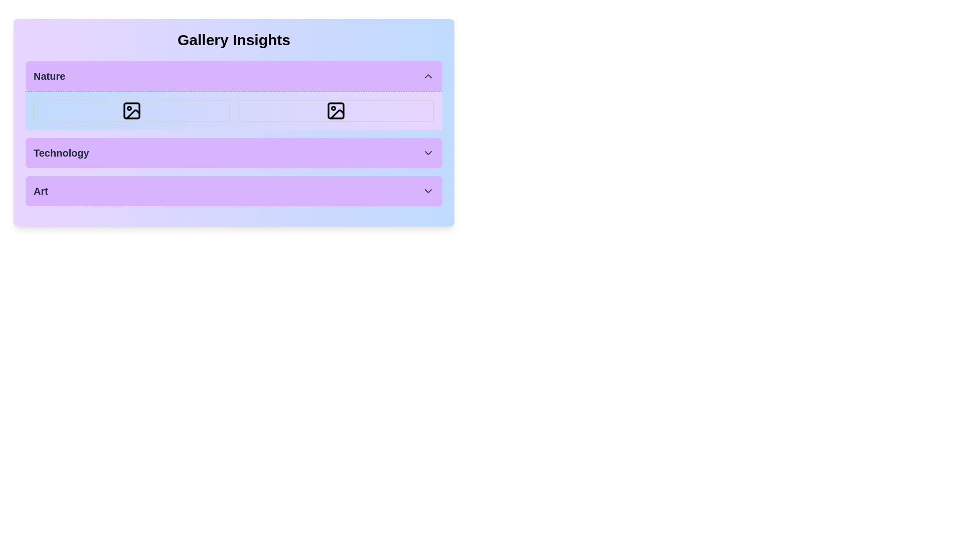  Describe the element at coordinates (428, 153) in the screenshot. I see `the interactive icon on the right side of the 'Technology' section to trigger a tooltip or visual effect` at that location.